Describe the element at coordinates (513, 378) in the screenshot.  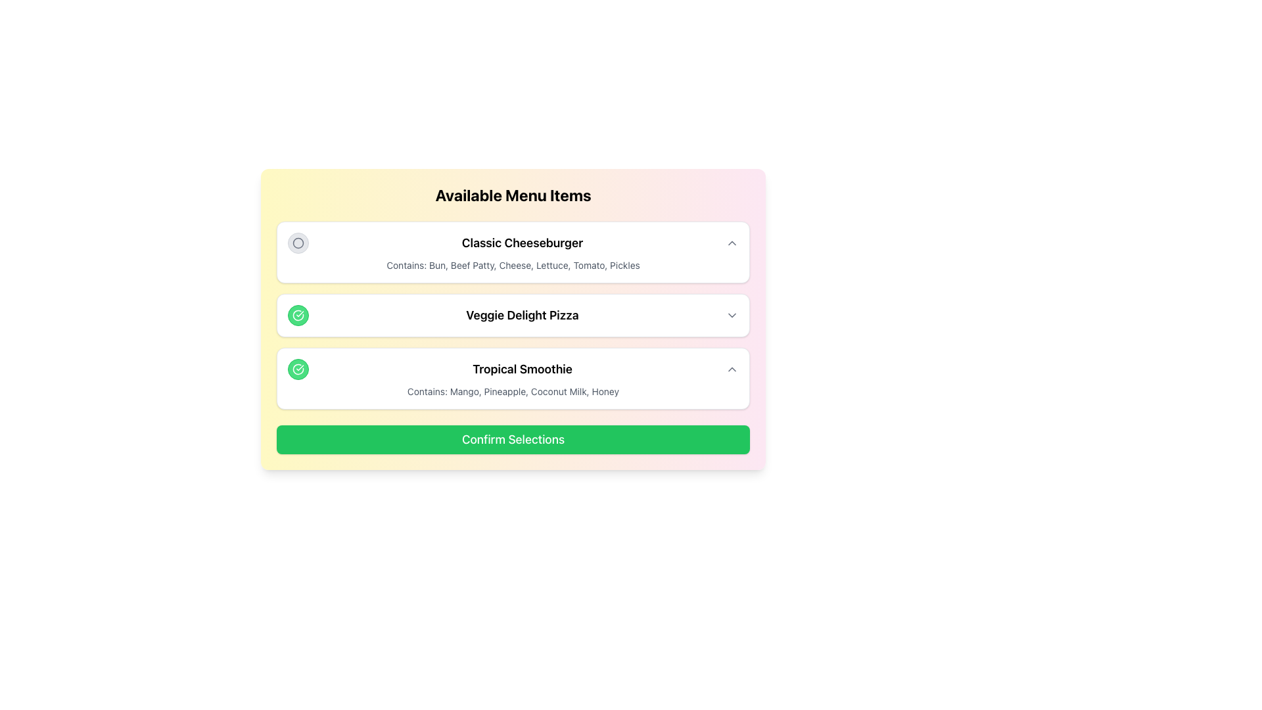
I see `the 'Tropical Smoothie' card` at that location.